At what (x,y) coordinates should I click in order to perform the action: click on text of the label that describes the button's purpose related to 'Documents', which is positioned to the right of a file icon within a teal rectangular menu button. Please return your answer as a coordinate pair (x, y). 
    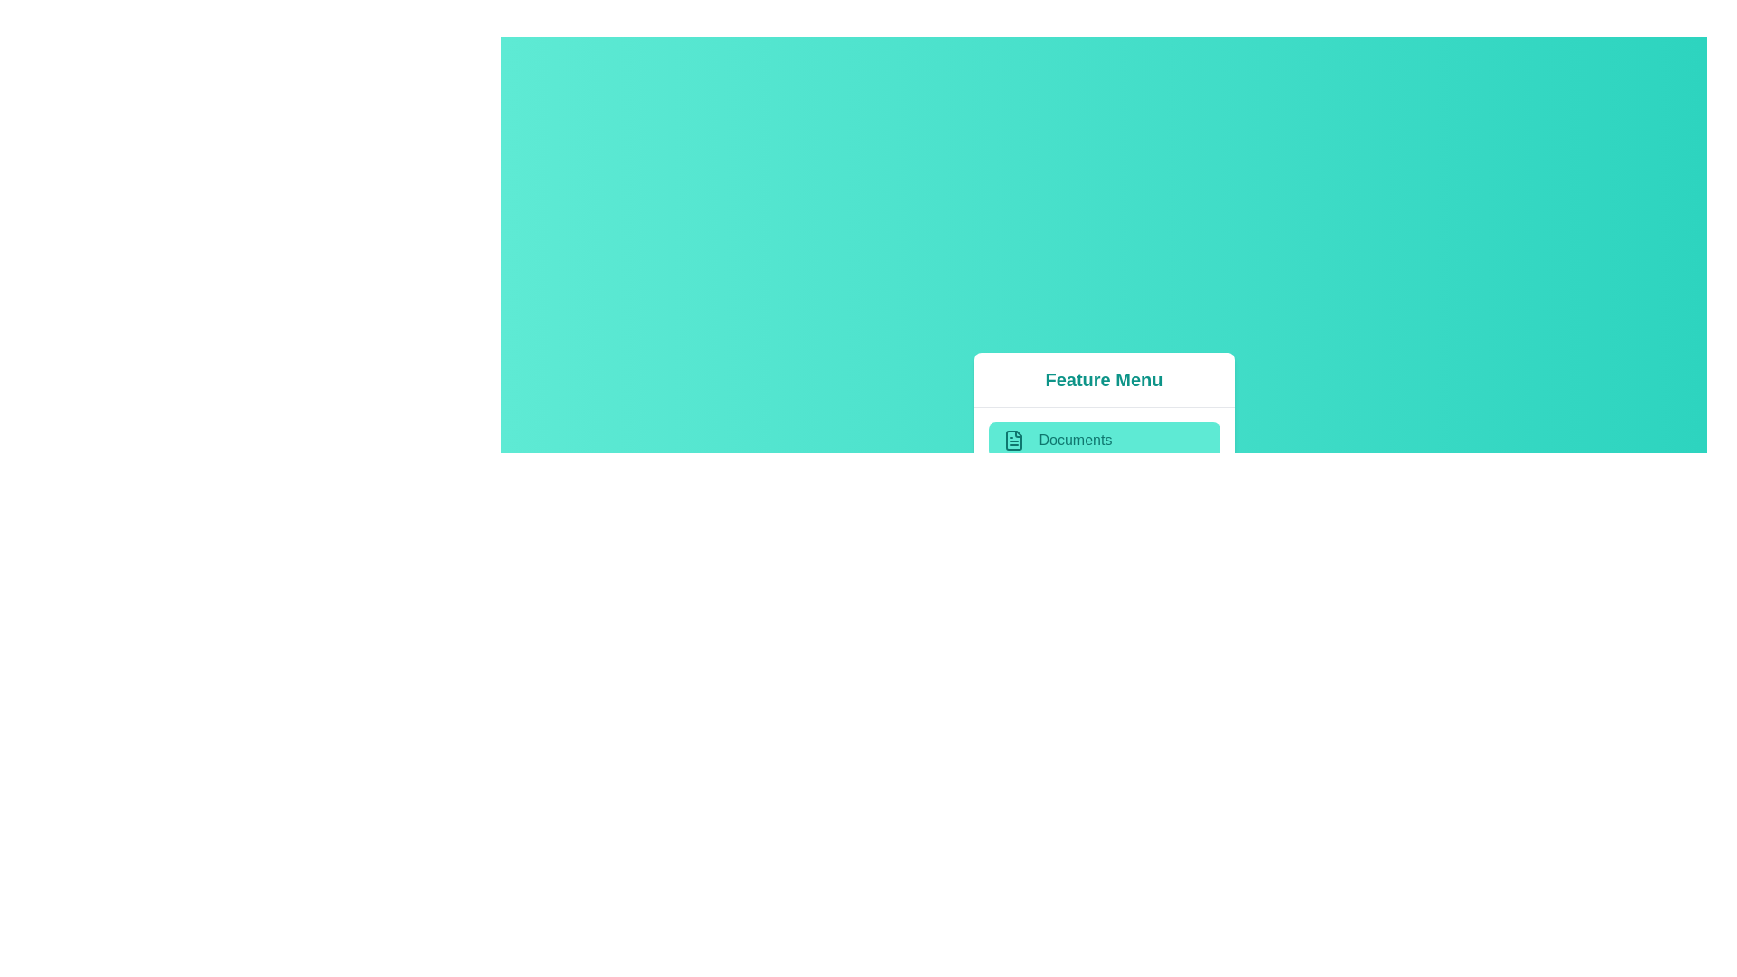
    Looking at the image, I should click on (1075, 440).